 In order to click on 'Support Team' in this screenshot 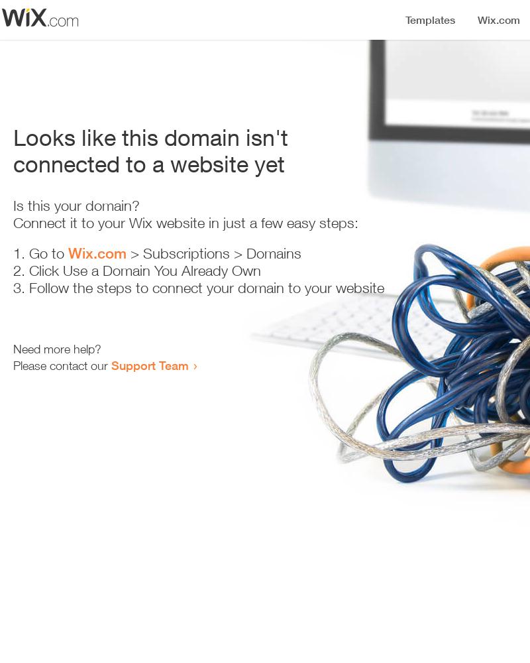, I will do `click(111, 365)`.